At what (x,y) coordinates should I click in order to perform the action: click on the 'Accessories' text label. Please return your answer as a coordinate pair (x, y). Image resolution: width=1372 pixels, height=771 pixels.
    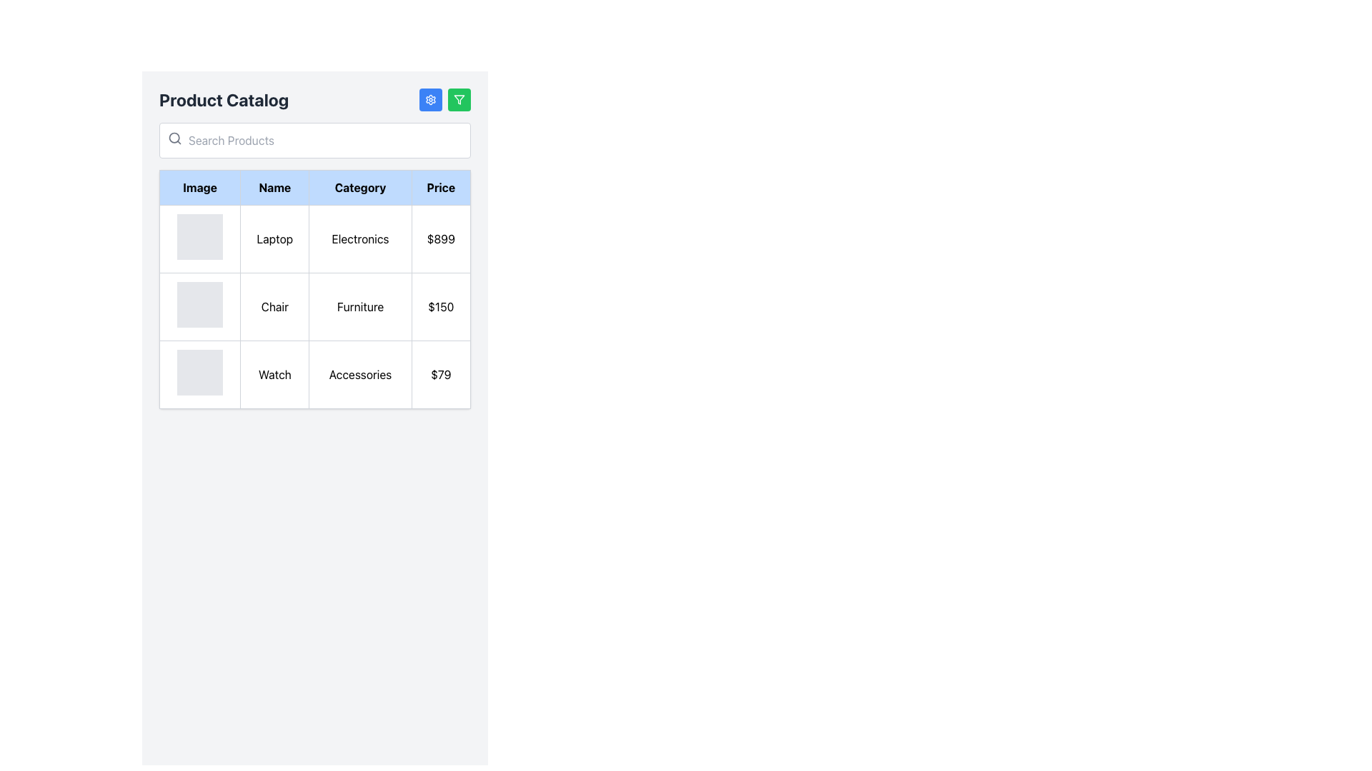
    Looking at the image, I should click on (360, 373).